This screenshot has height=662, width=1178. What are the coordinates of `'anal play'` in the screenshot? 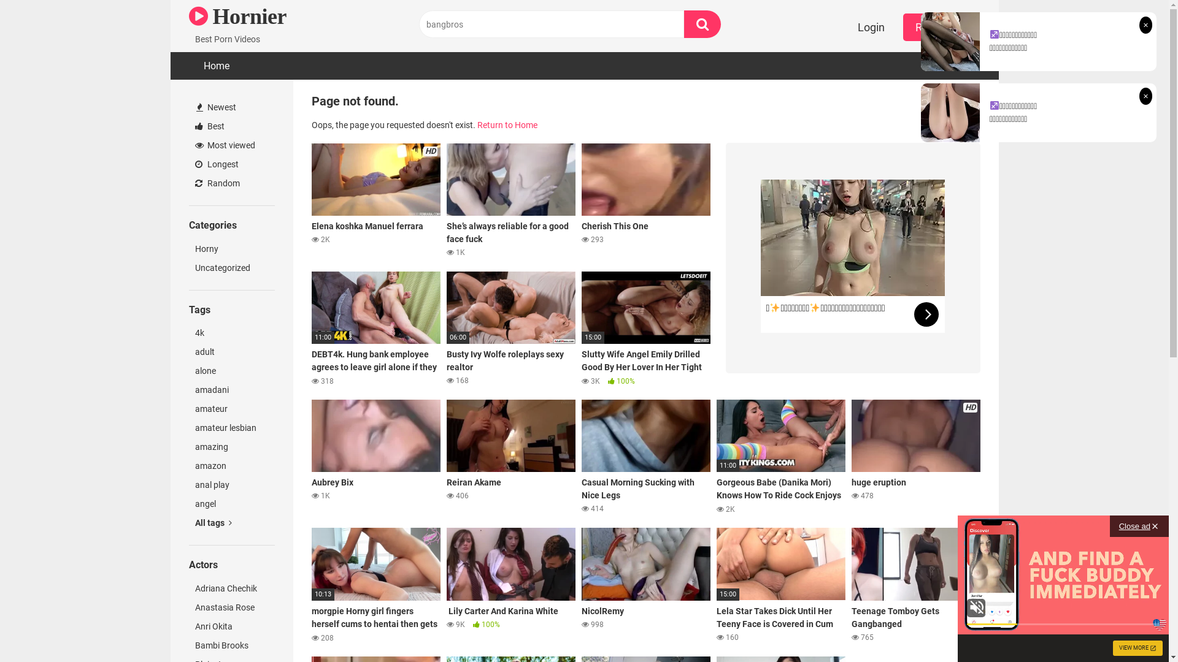 It's located at (232, 484).